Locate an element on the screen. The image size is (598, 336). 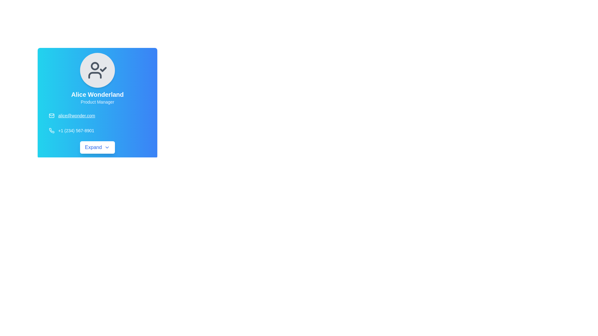
the torso icon section of the user profile, which is located at the top center of the profile card is located at coordinates (95, 75).